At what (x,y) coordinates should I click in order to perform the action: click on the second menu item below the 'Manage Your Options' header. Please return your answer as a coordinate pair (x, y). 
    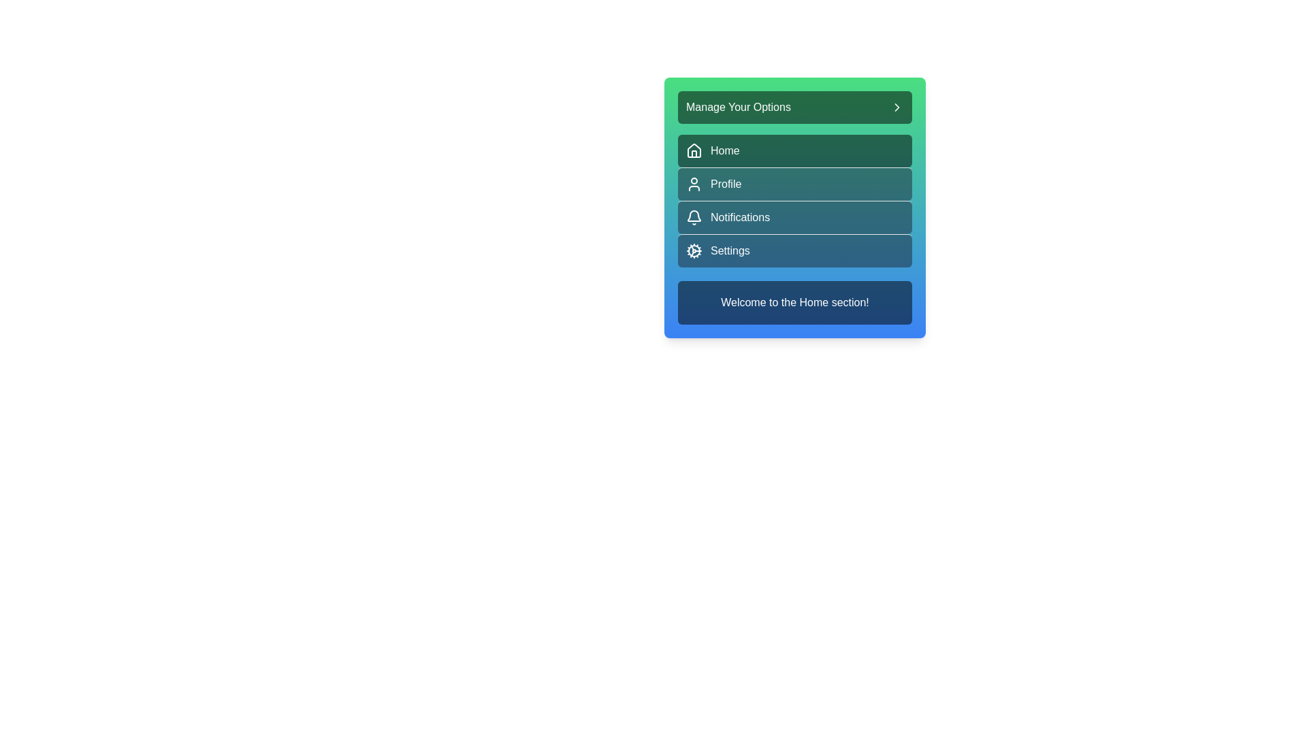
    Looking at the image, I should click on (794, 201).